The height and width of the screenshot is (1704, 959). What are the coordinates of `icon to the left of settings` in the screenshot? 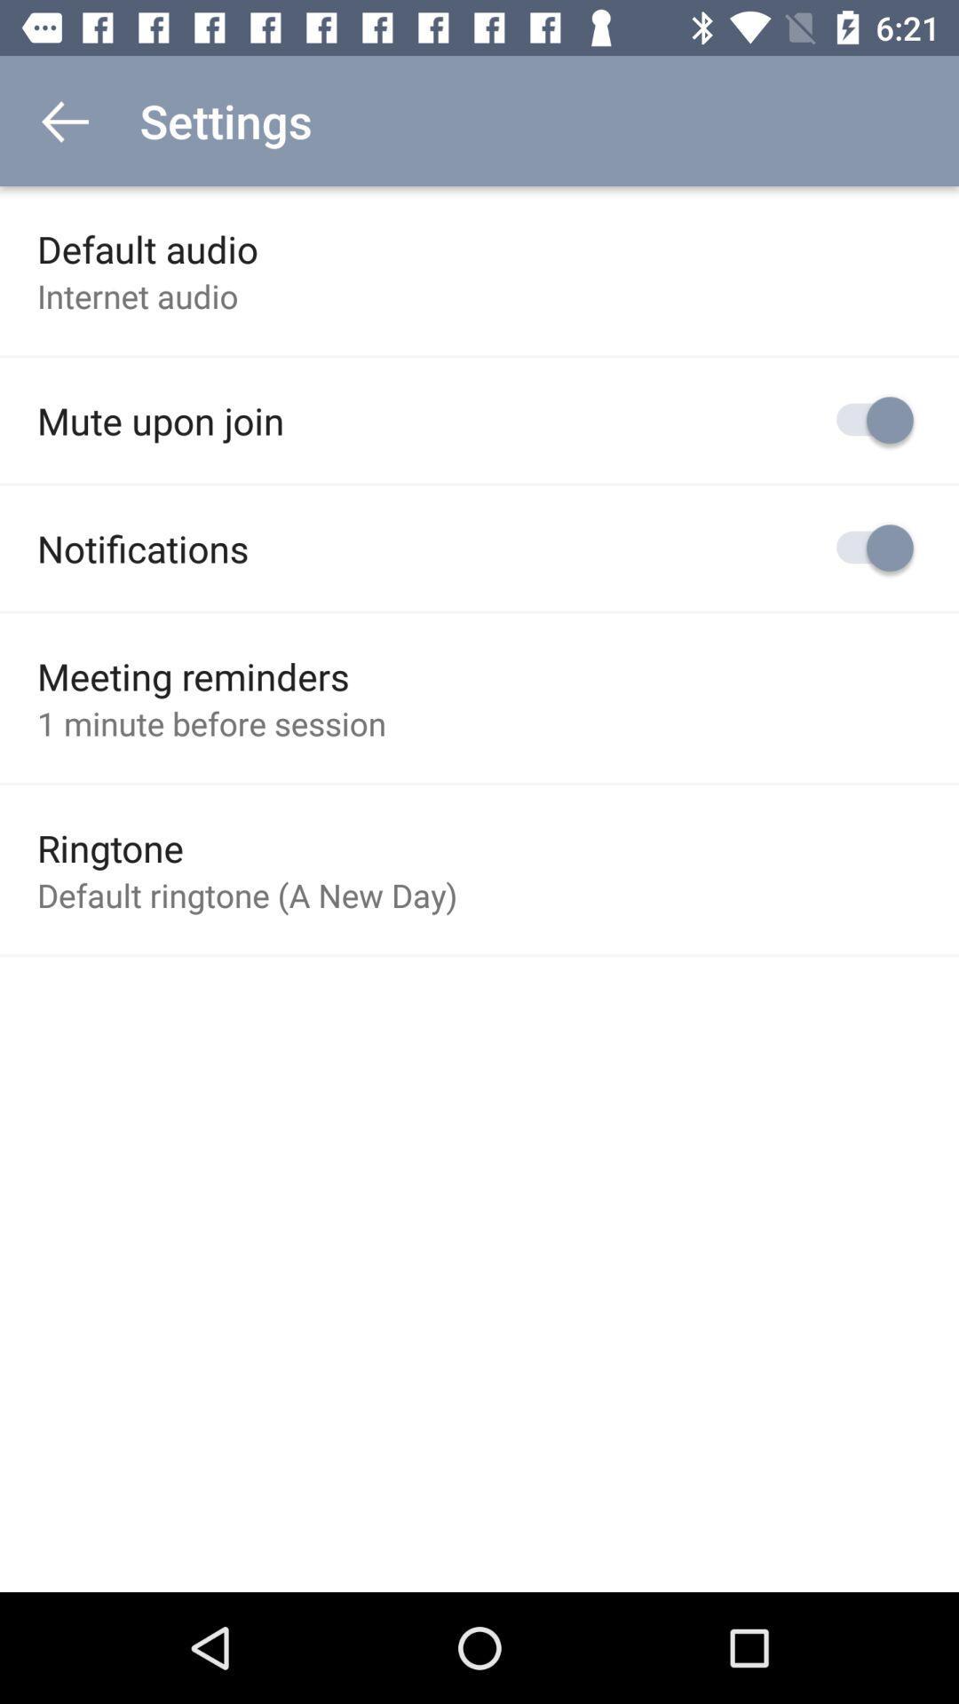 It's located at (64, 120).